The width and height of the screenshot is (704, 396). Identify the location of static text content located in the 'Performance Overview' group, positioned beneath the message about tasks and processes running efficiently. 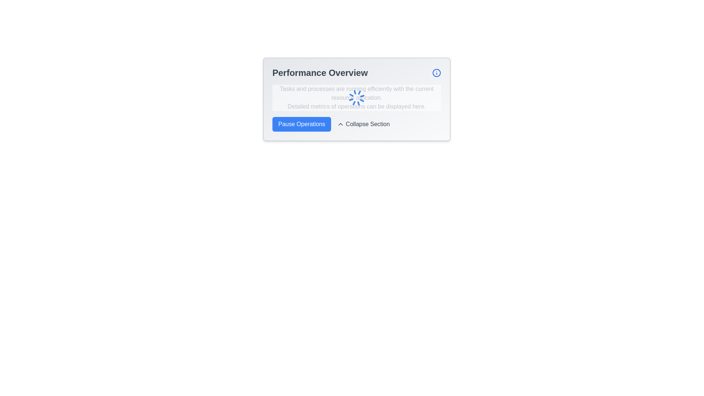
(357, 106).